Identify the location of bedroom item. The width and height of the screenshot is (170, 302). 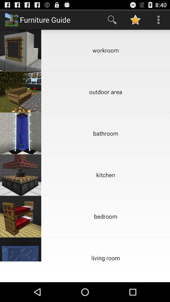
(105, 216).